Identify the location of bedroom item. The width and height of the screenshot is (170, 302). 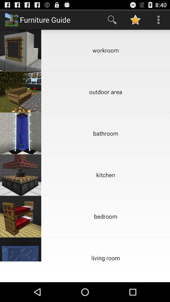
(105, 216).